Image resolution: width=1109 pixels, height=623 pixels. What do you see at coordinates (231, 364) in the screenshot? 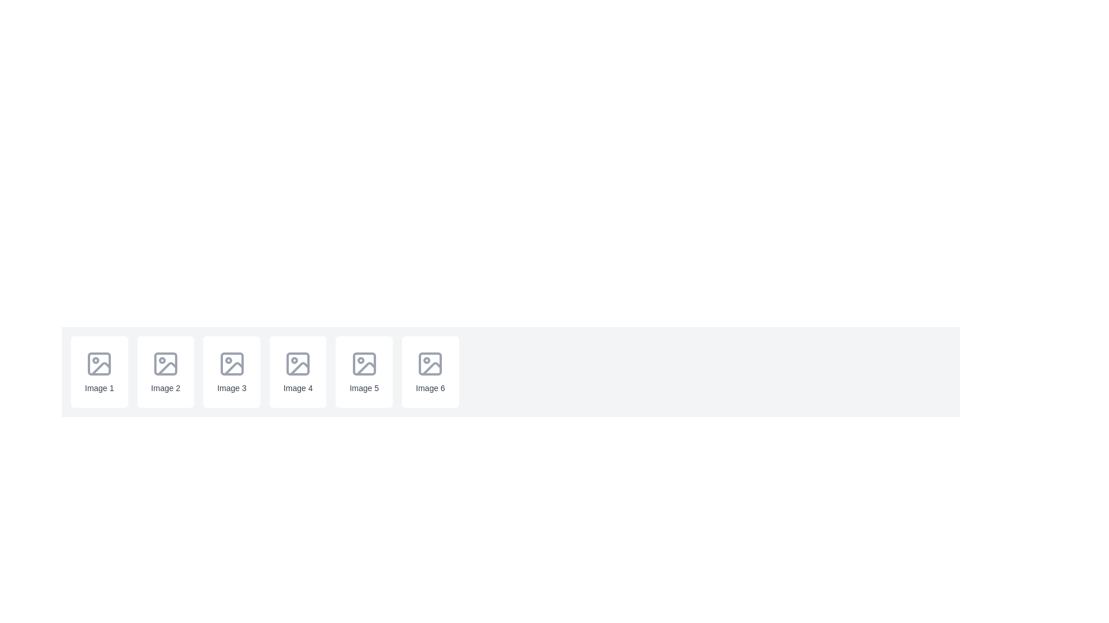
I see `the icon that visually represents 'Image 3', which is the third item in a horizontal row of image entries` at bounding box center [231, 364].